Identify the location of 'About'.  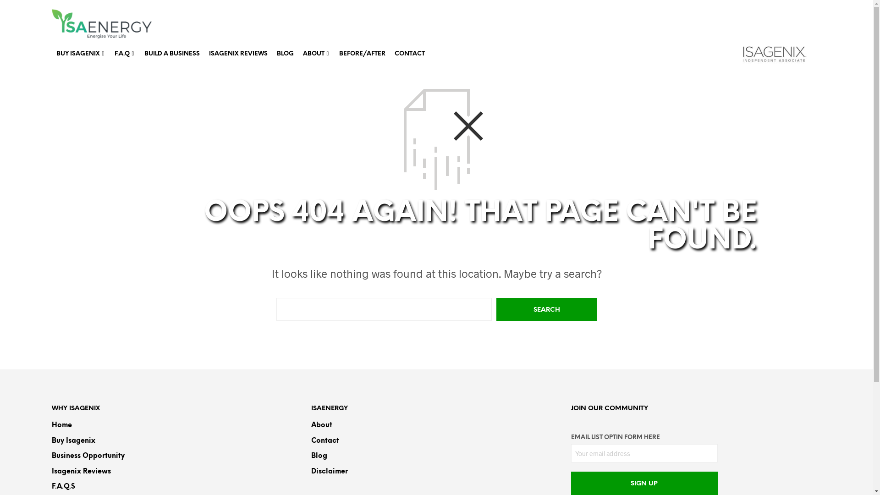
(321, 425).